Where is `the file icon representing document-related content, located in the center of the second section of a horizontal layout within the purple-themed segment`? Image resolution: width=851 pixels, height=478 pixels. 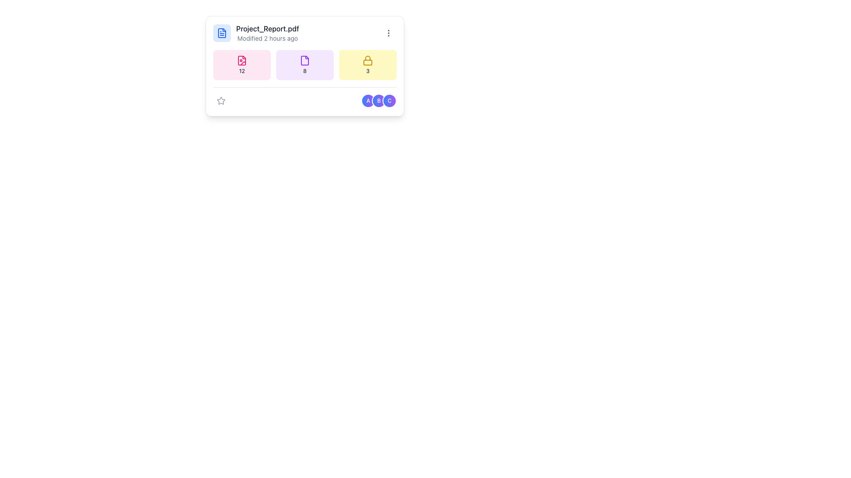 the file icon representing document-related content, located in the center of the second section of a horizontal layout within the purple-themed segment is located at coordinates (304, 60).